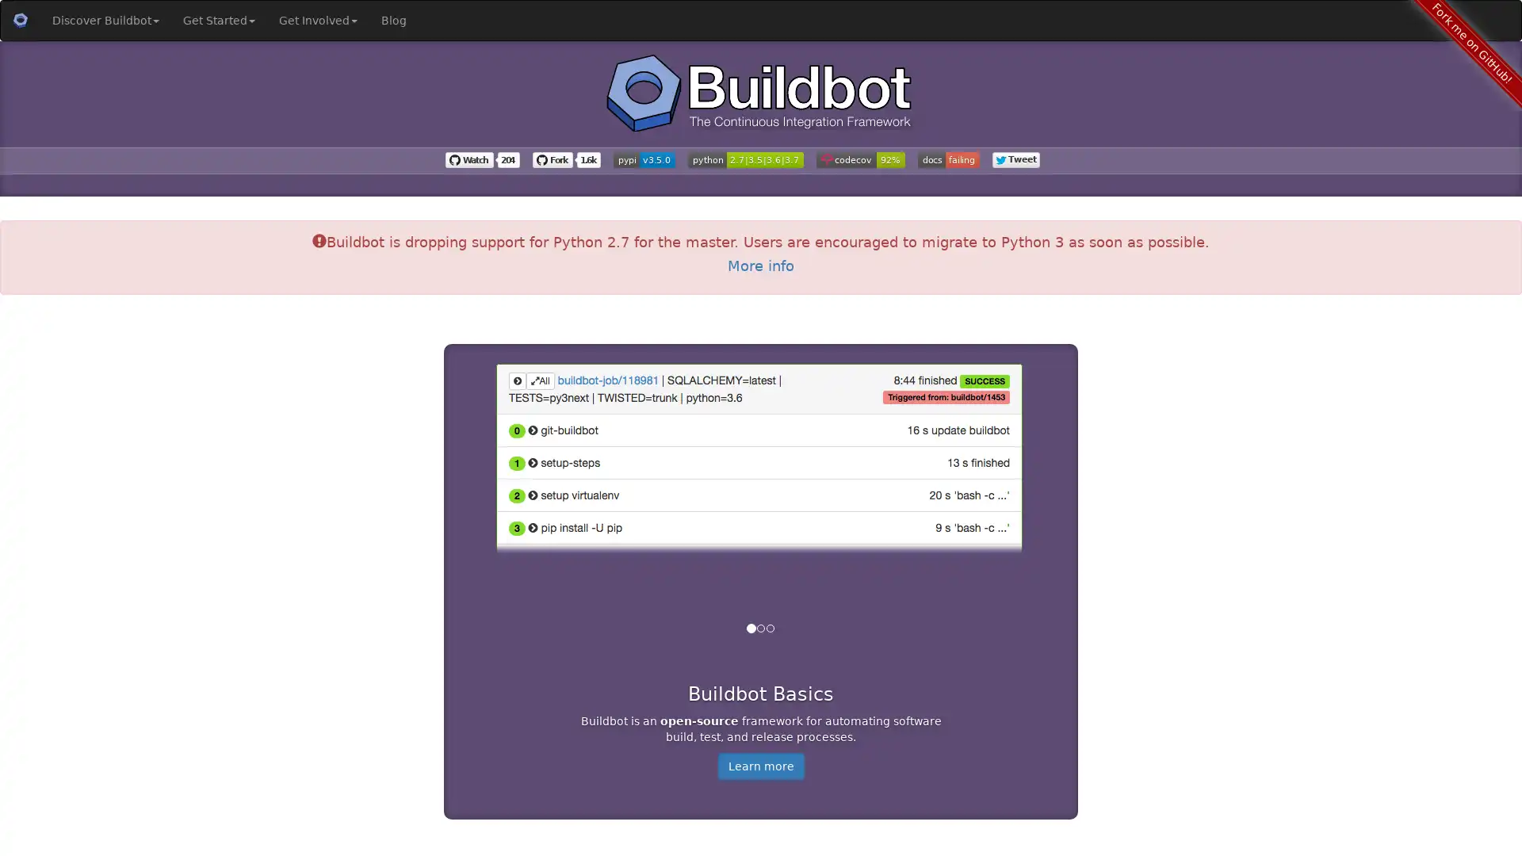 This screenshot has height=856, width=1522. I want to click on Get Started, so click(218, 21).